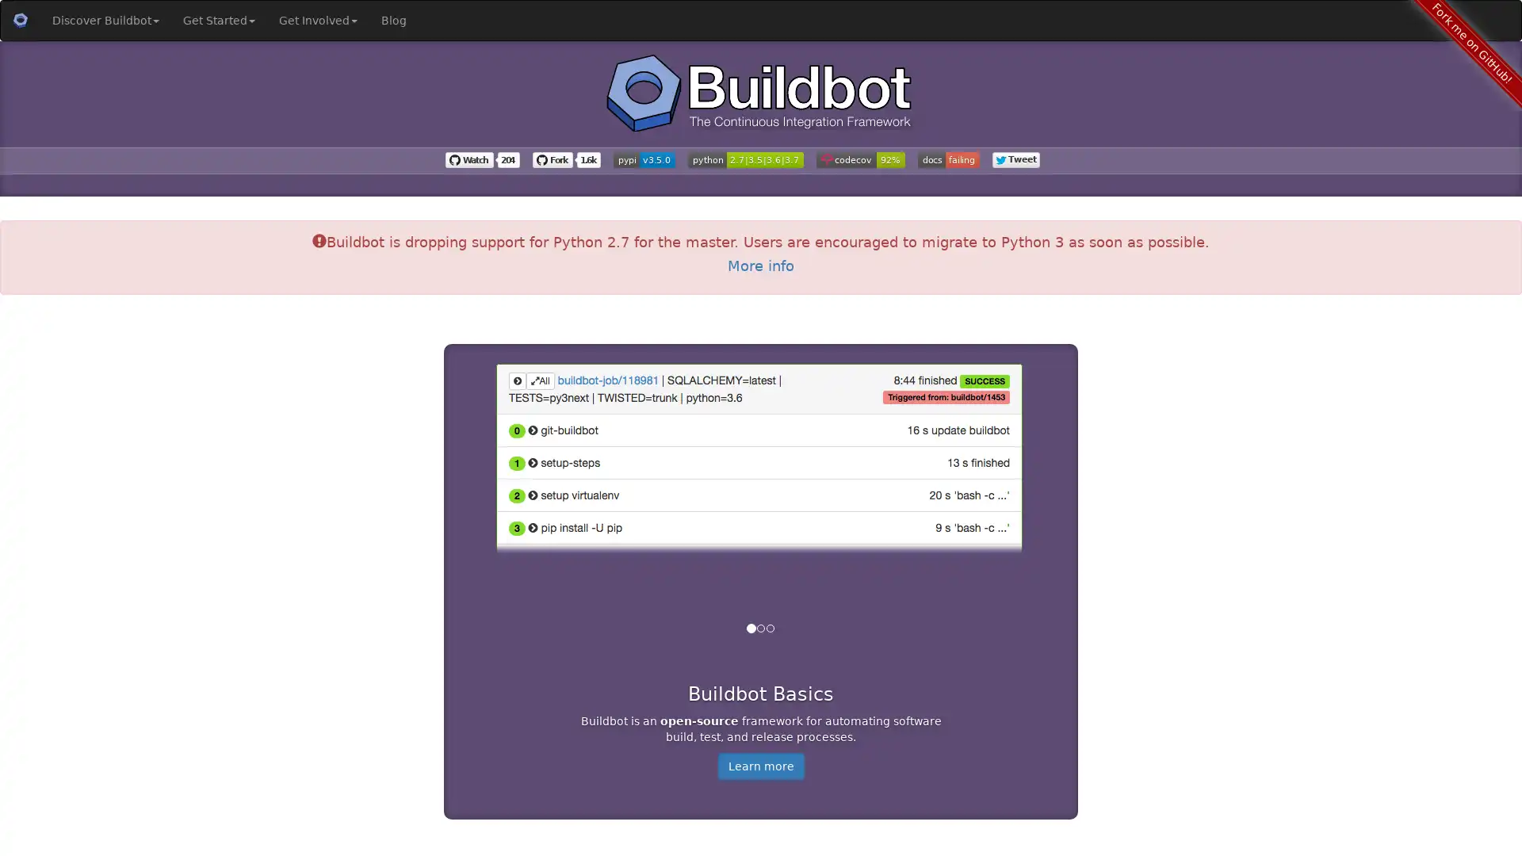 This screenshot has height=856, width=1522. I want to click on Get Started, so click(218, 21).